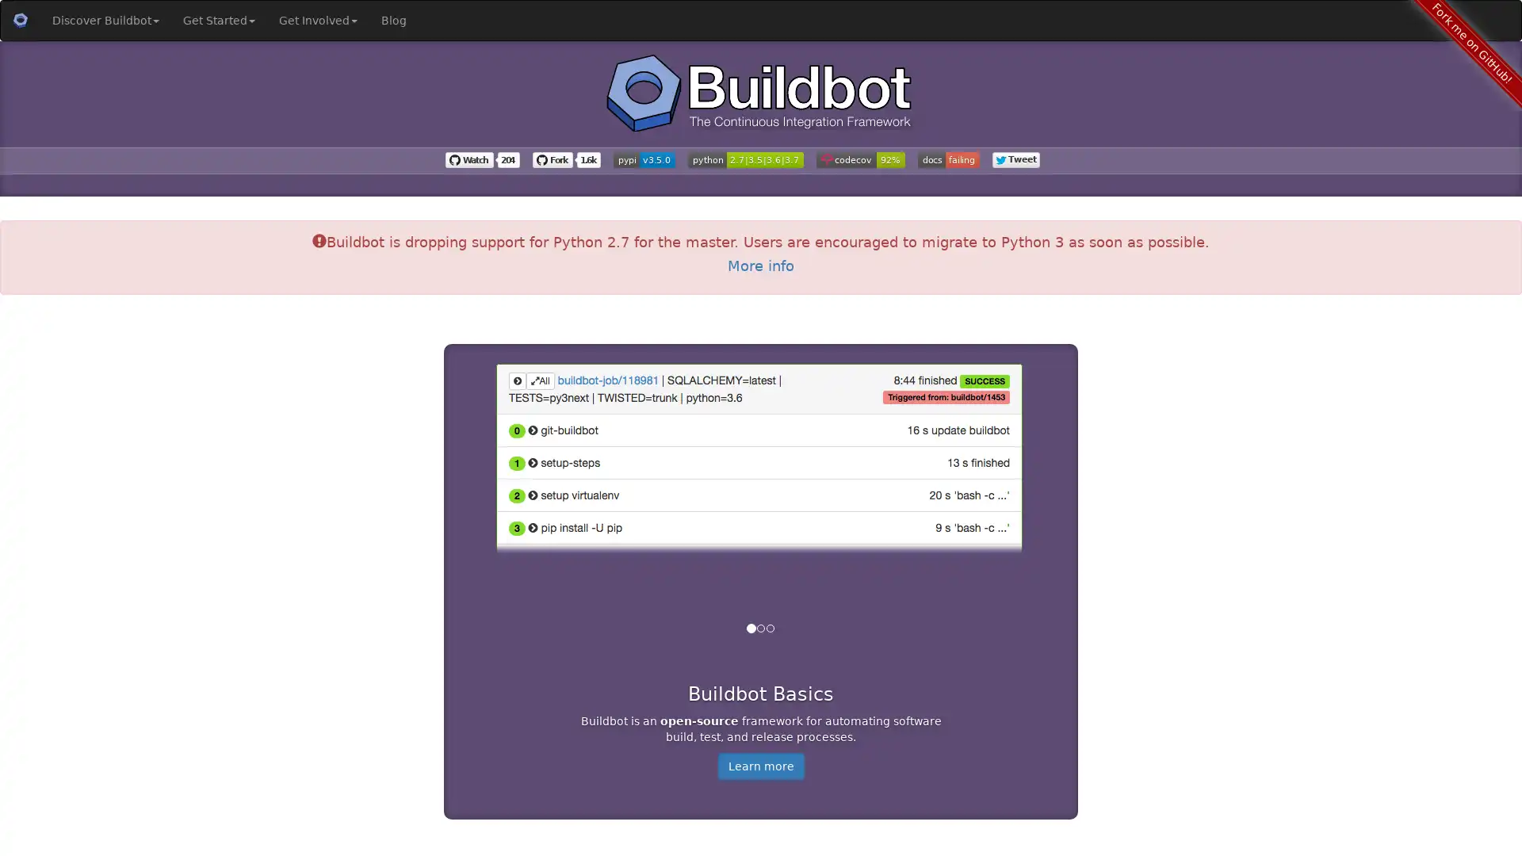 This screenshot has height=856, width=1522. I want to click on Get Started, so click(218, 21).